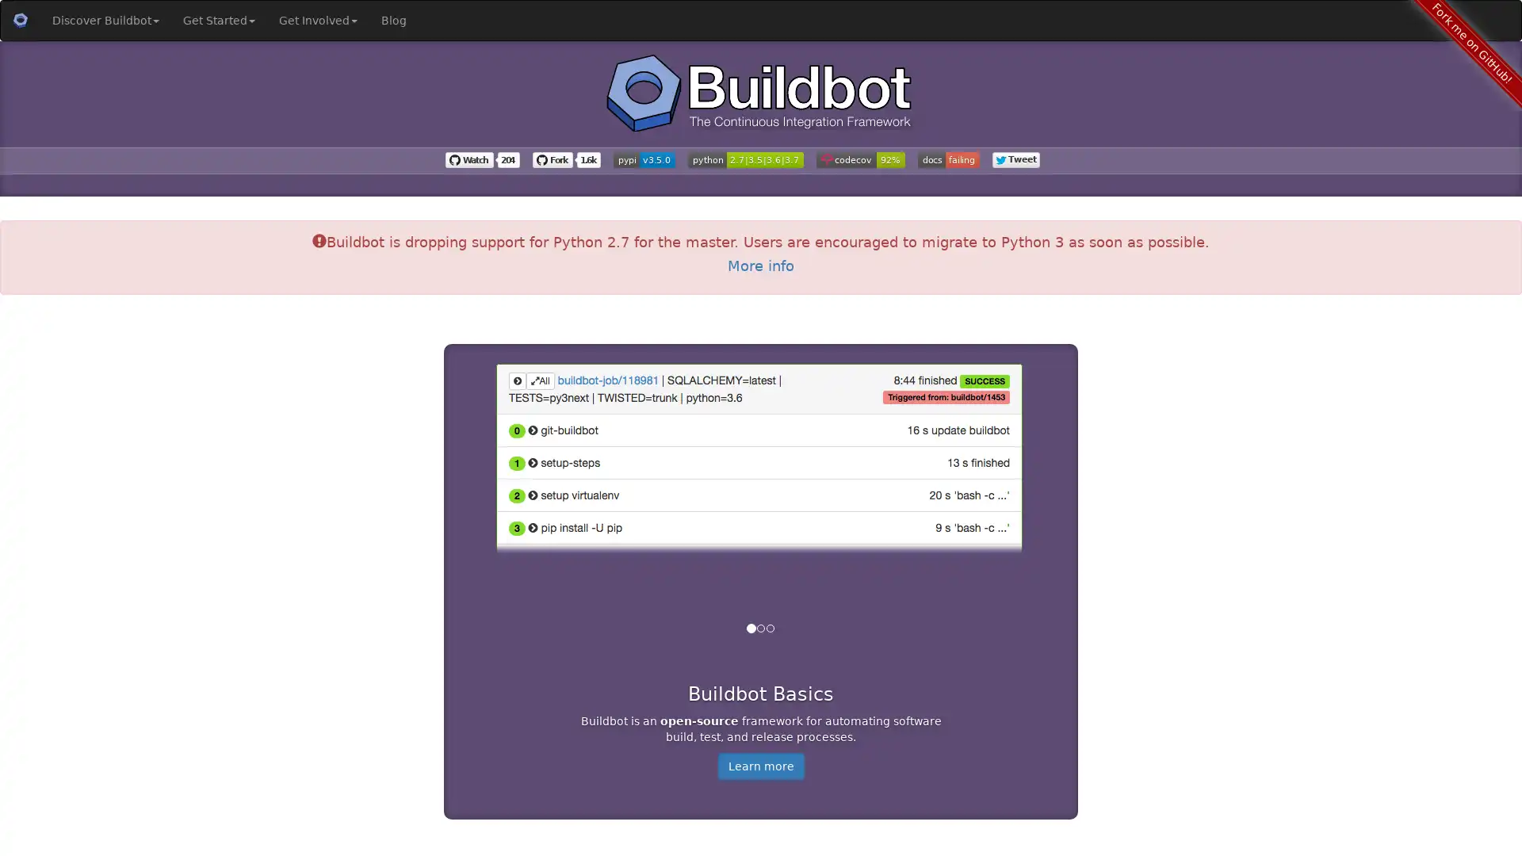 This screenshot has height=856, width=1522. I want to click on Get Started, so click(218, 21).